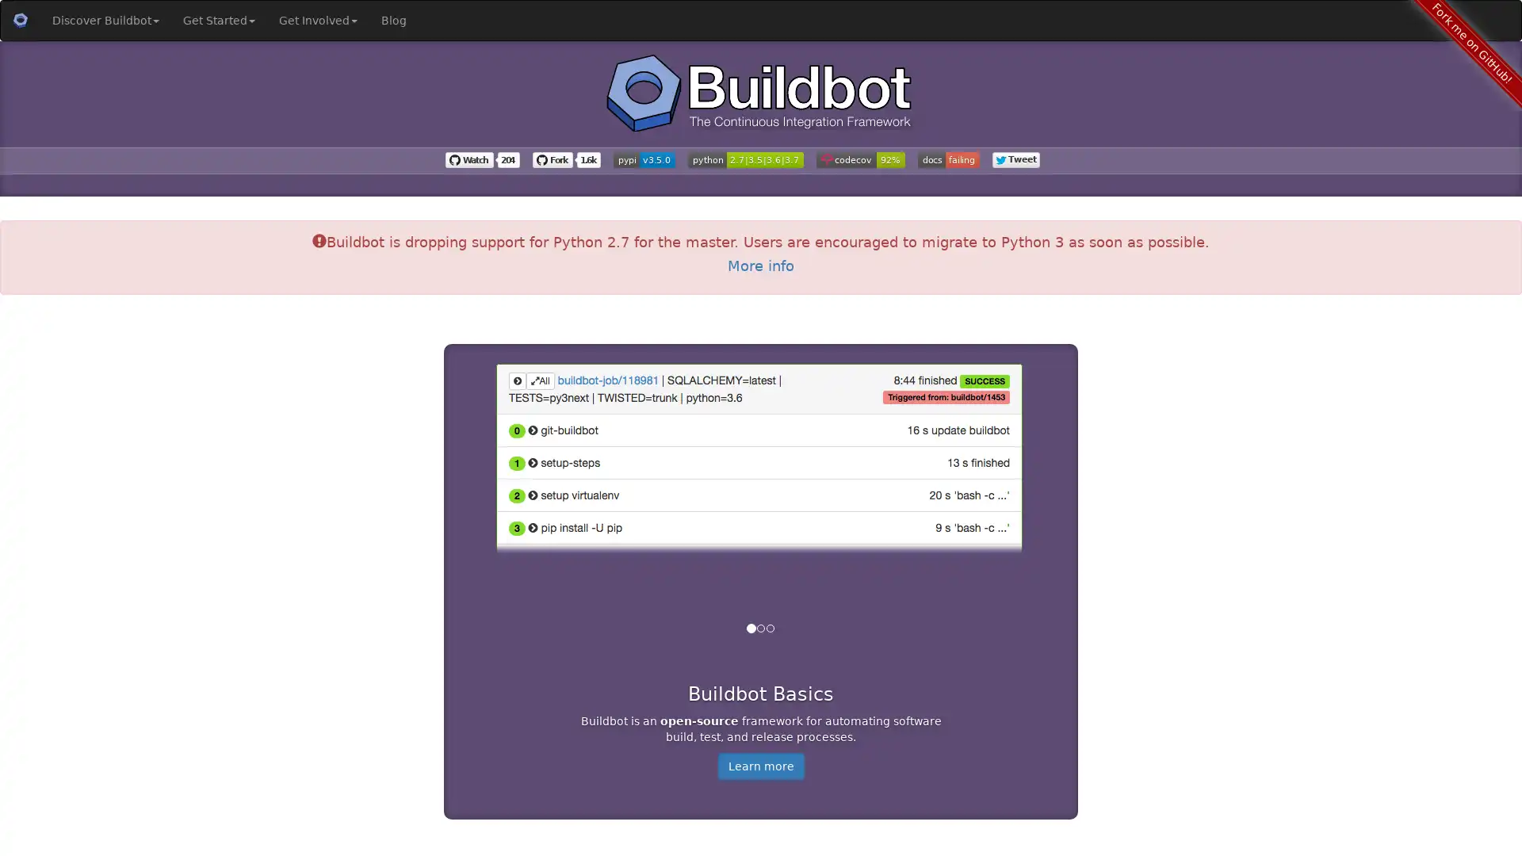 This screenshot has height=856, width=1522. I want to click on Get Started, so click(218, 21).